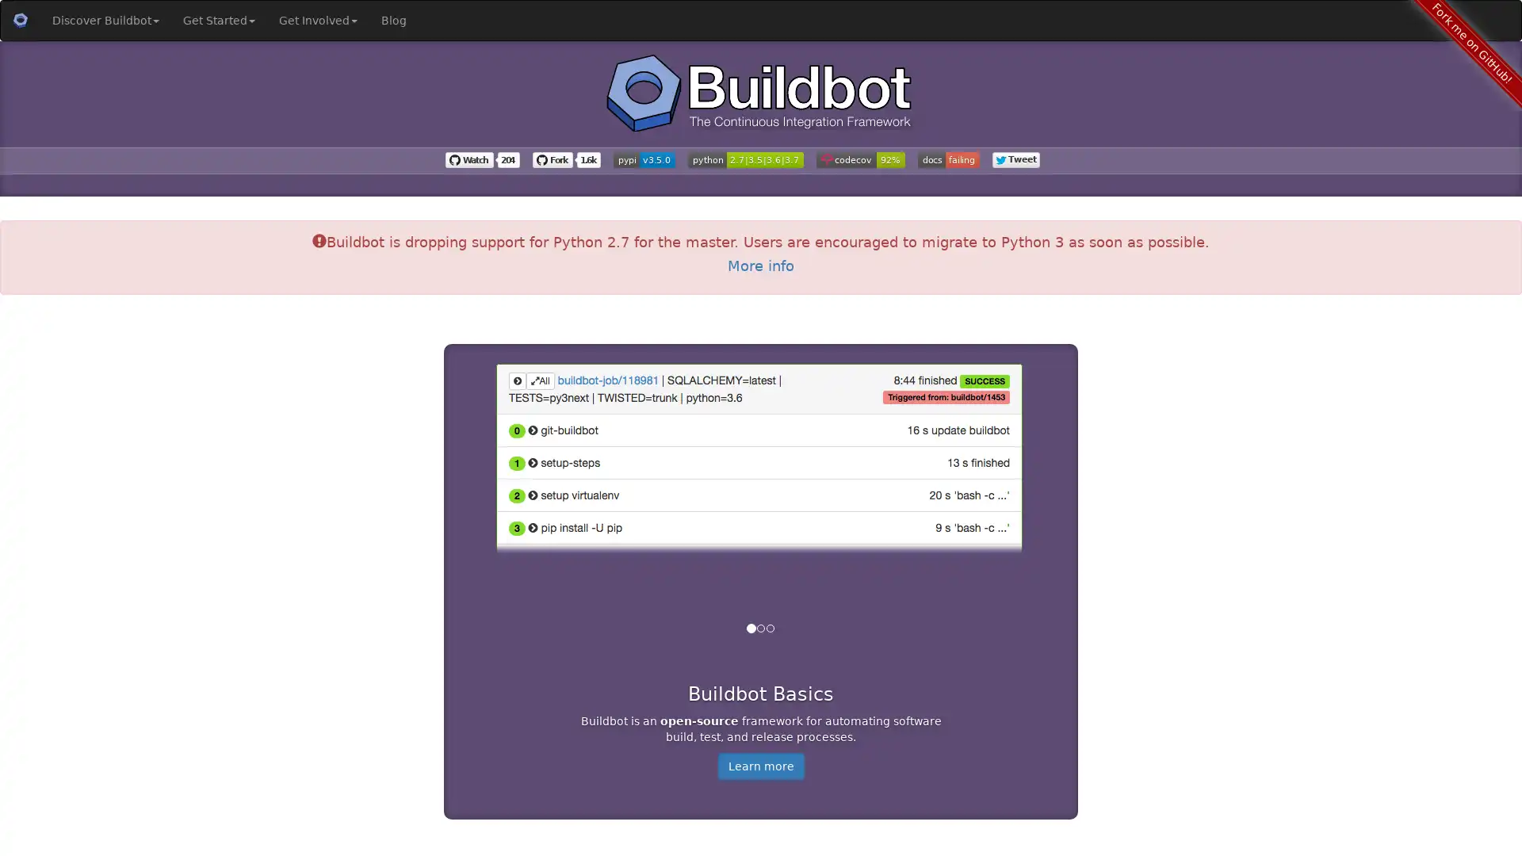 This screenshot has height=856, width=1522. I want to click on Get Started, so click(218, 21).